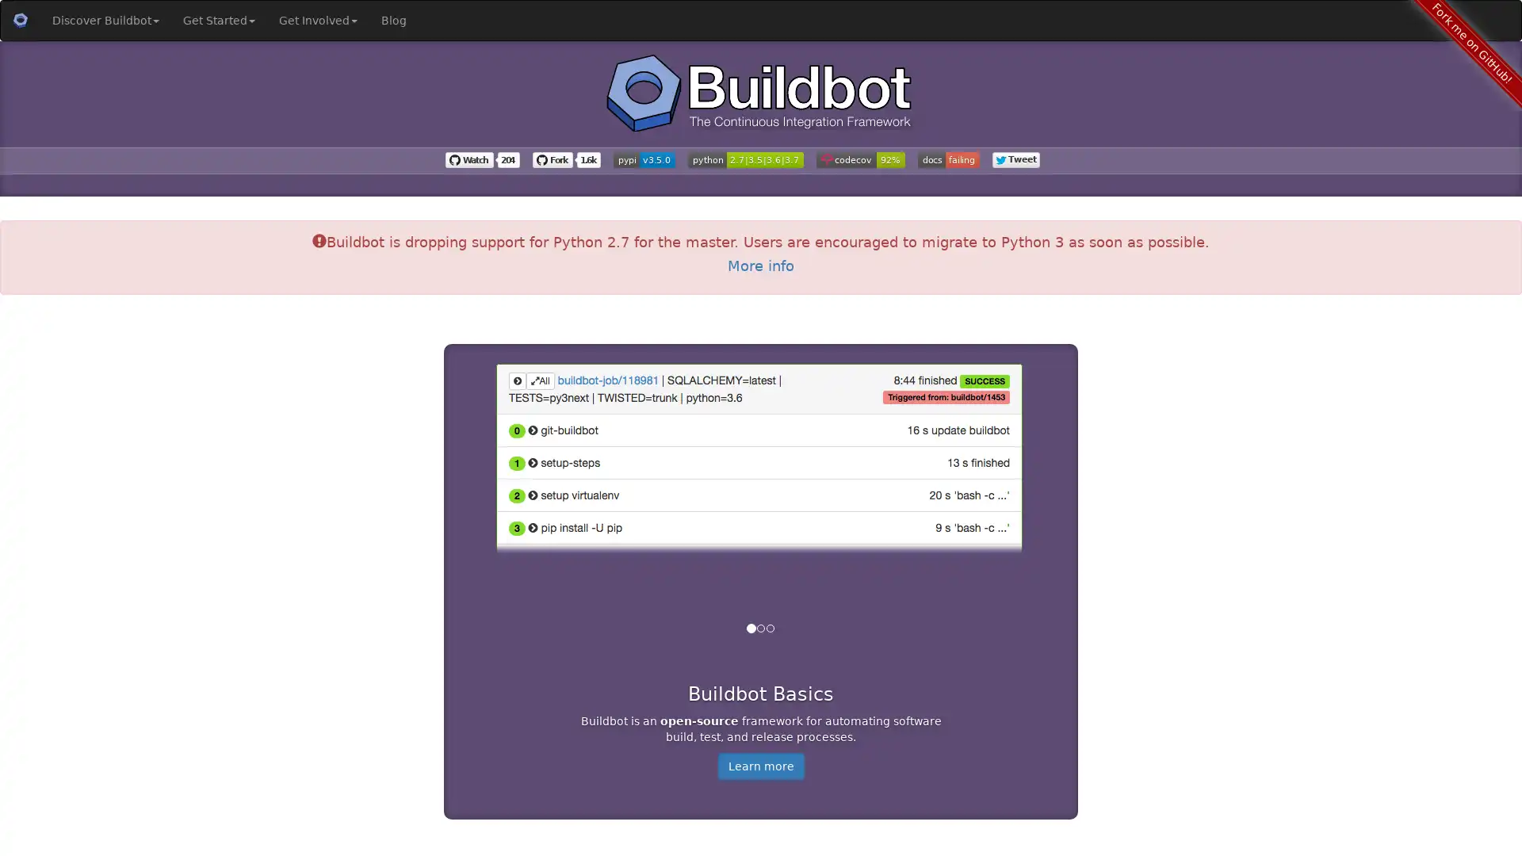 This screenshot has height=856, width=1522. I want to click on Get Started, so click(218, 21).